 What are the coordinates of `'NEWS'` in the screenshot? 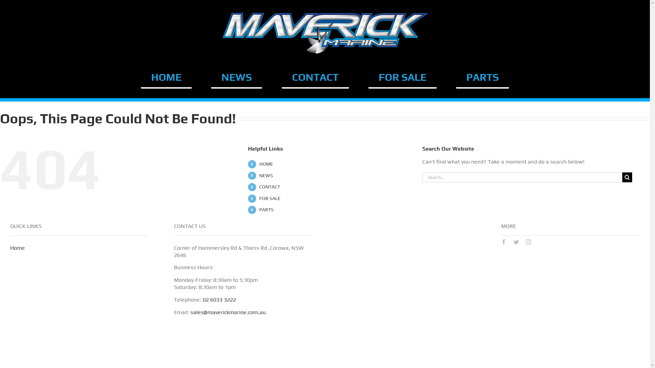 It's located at (236, 77).